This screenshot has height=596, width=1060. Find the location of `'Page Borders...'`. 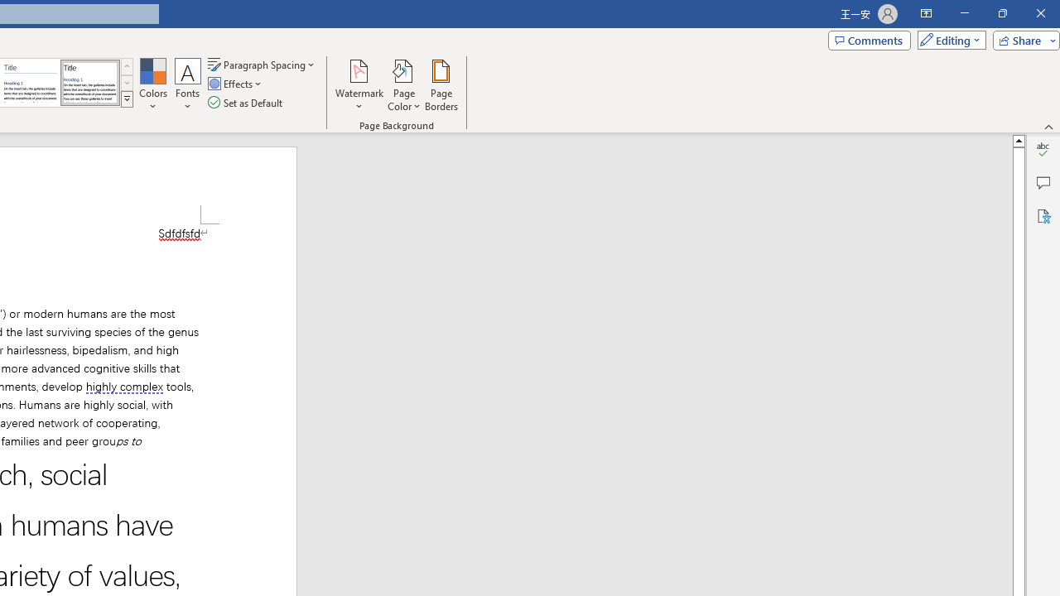

'Page Borders...' is located at coordinates (441, 85).